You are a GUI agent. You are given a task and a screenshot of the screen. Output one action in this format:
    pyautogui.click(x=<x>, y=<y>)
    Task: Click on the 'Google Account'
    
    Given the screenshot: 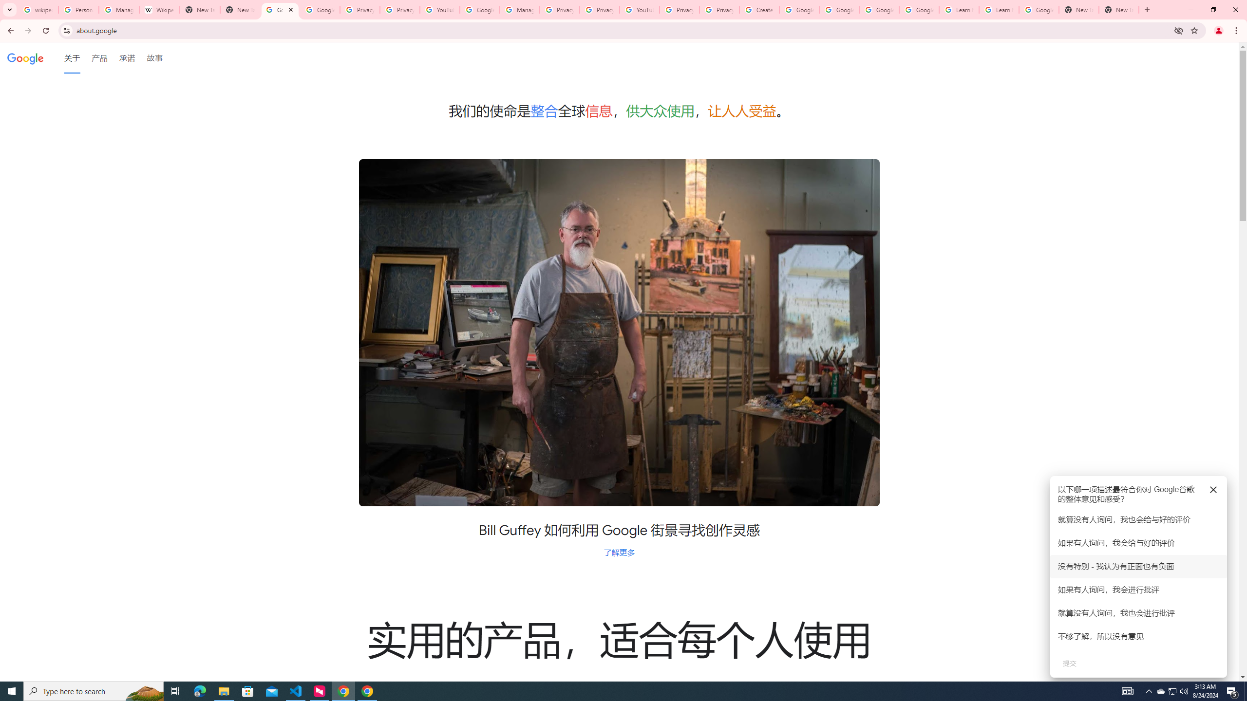 What is the action you would take?
    pyautogui.click(x=1039, y=9)
    